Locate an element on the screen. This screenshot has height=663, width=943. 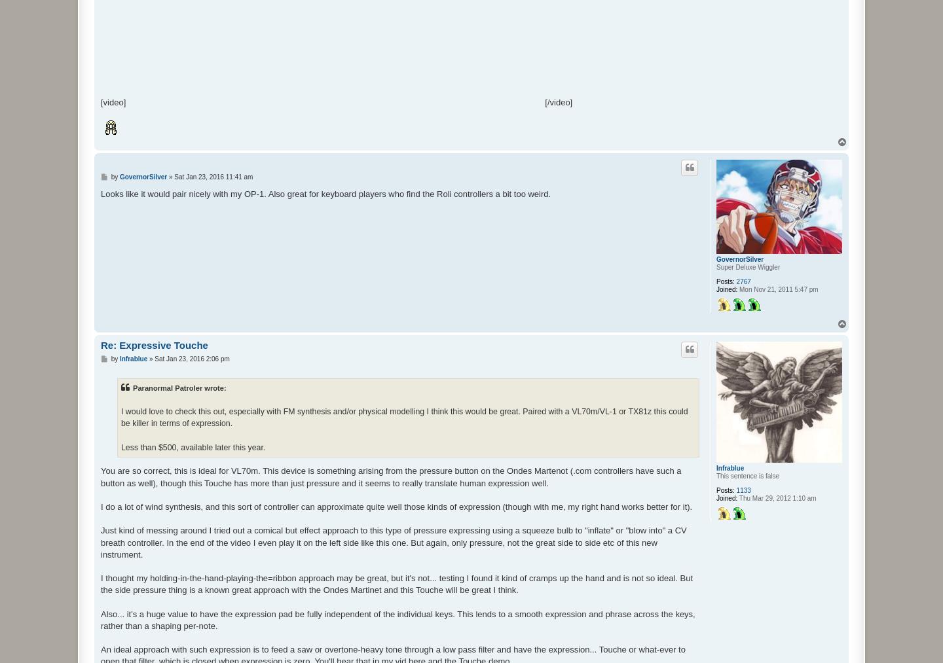
'Sat Jan 23, 2016 2:06 pm' is located at coordinates (191, 358).